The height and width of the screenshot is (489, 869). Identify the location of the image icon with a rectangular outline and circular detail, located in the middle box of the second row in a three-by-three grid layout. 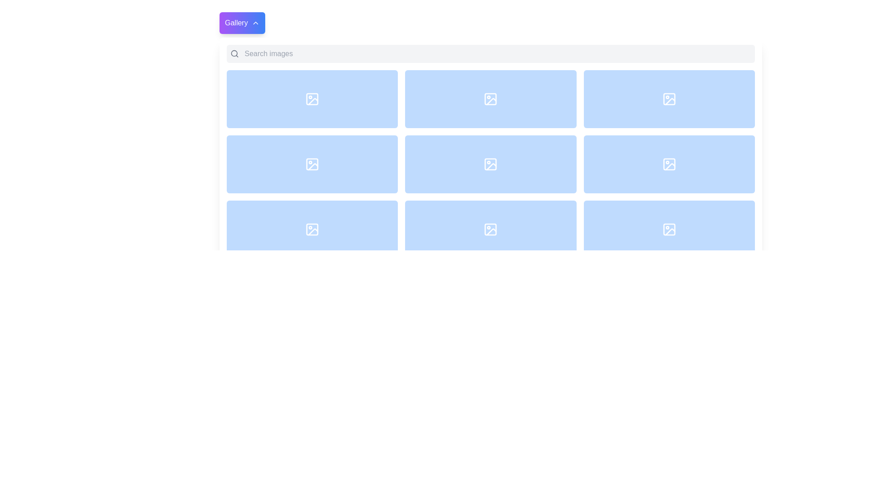
(312, 164).